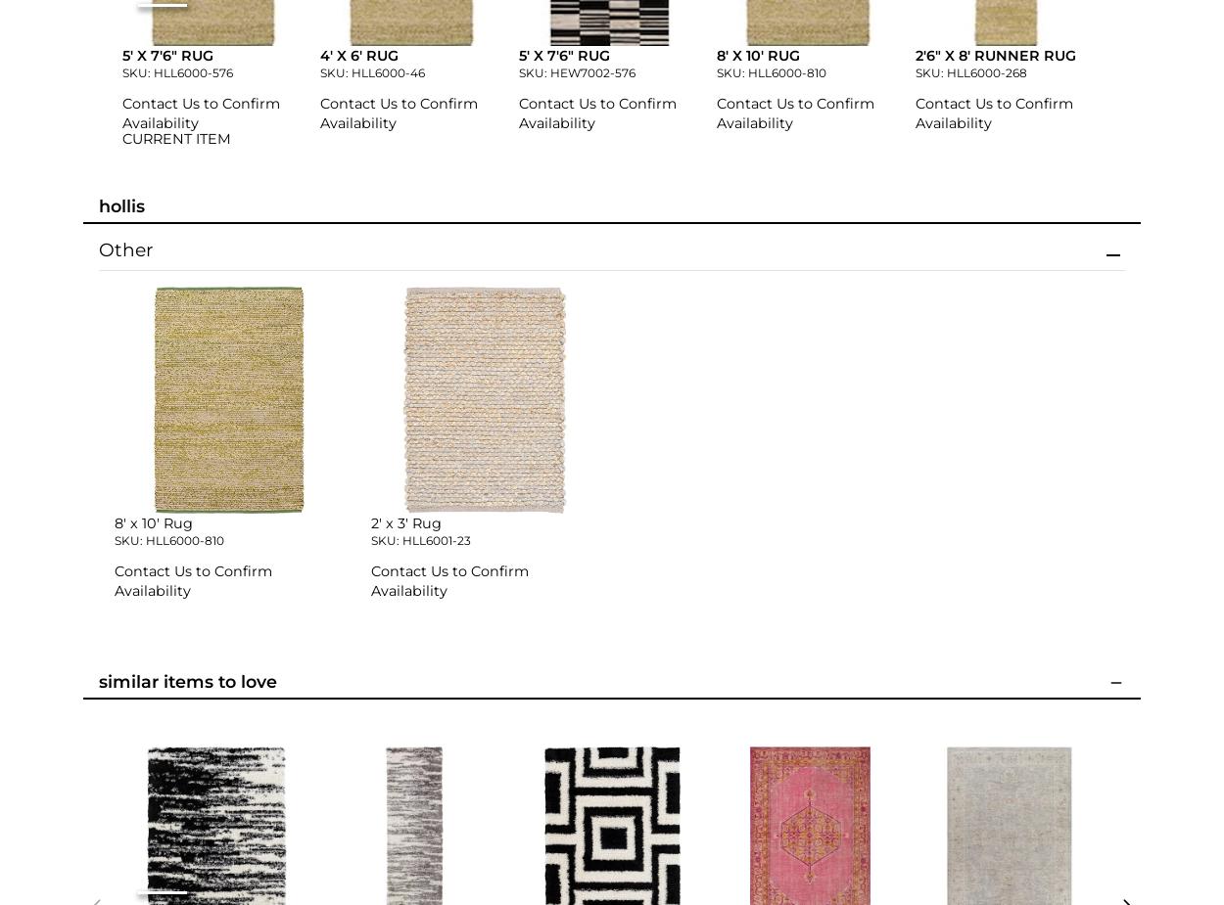 This screenshot has height=905, width=1224. I want to click on 'SKU: HLL6001-23', so click(420, 540).